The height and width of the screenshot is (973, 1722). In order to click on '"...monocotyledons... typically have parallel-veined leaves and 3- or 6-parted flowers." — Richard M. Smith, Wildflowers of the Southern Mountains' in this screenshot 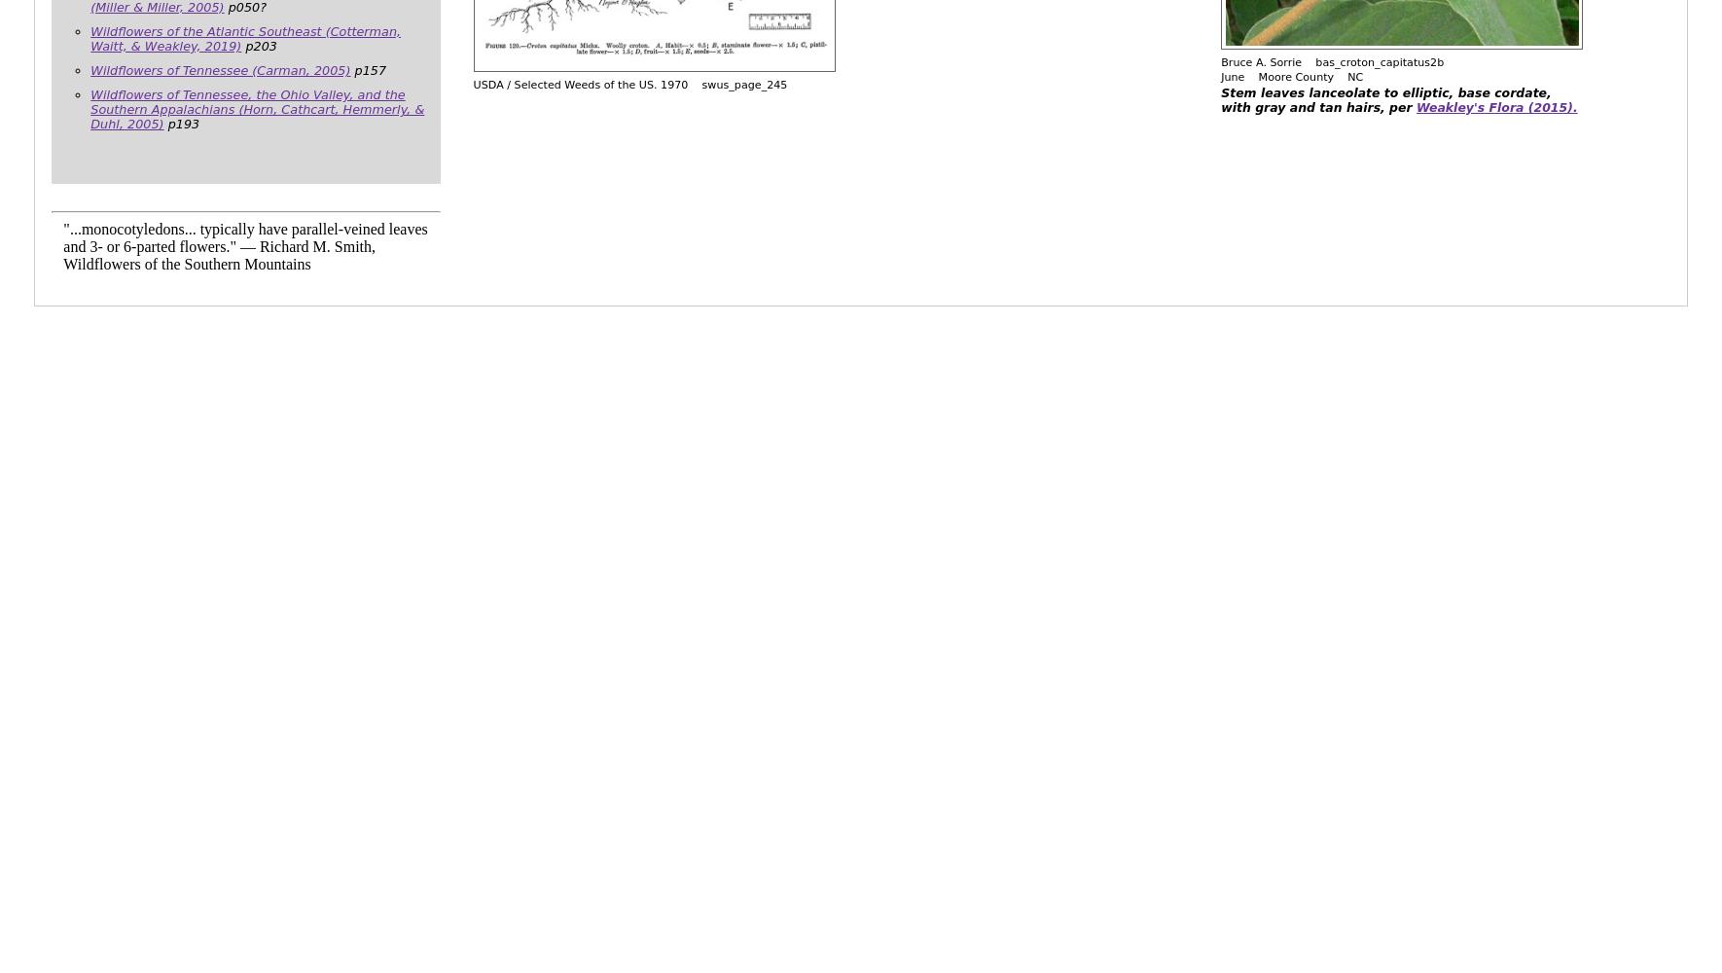, I will do `click(61, 246)`.